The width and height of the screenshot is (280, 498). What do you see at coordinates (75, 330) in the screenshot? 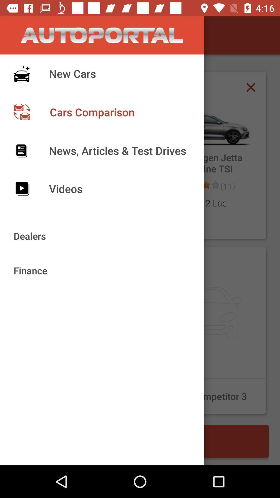
I see `finance` at bounding box center [75, 330].